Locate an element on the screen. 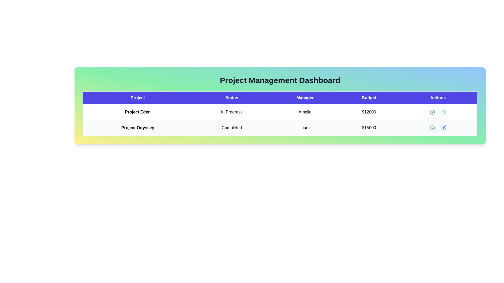 The height and width of the screenshot is (283, 504). the appearance of the Circular SVG element that serves as an indicator for the second row under the 'Actions' column in the table is located at coordinates (432, 128).